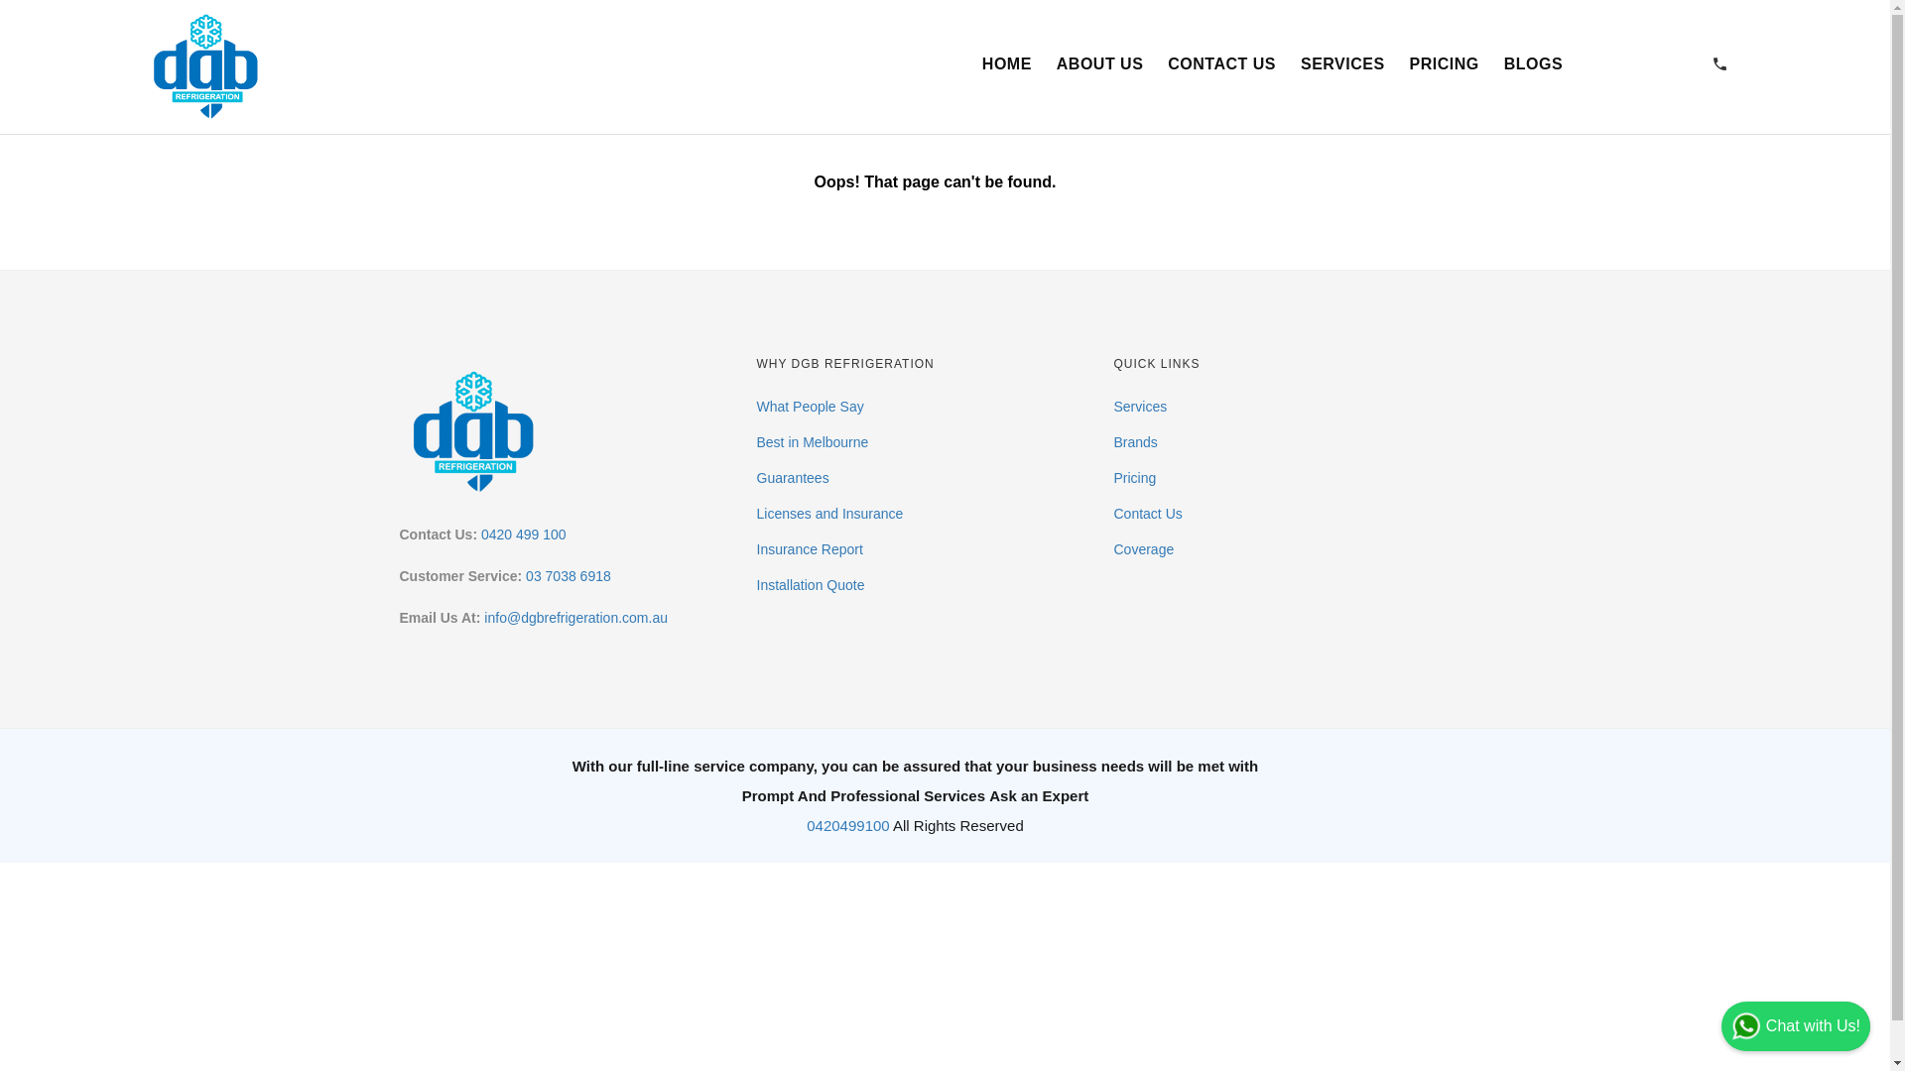  Describe the element at coordinates (1220, 63) in the screenshot. I see `'CONTACT US'` at that location.